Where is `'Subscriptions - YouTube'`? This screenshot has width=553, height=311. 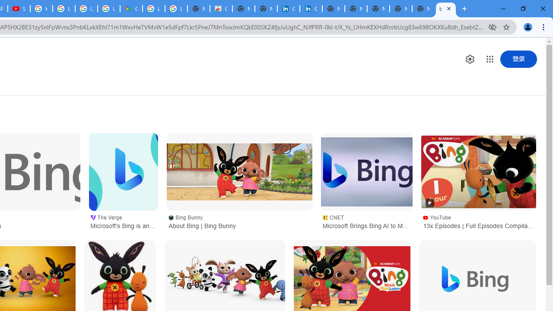
'Subscriptions - YouTube' is located at coordinates (19, 9).